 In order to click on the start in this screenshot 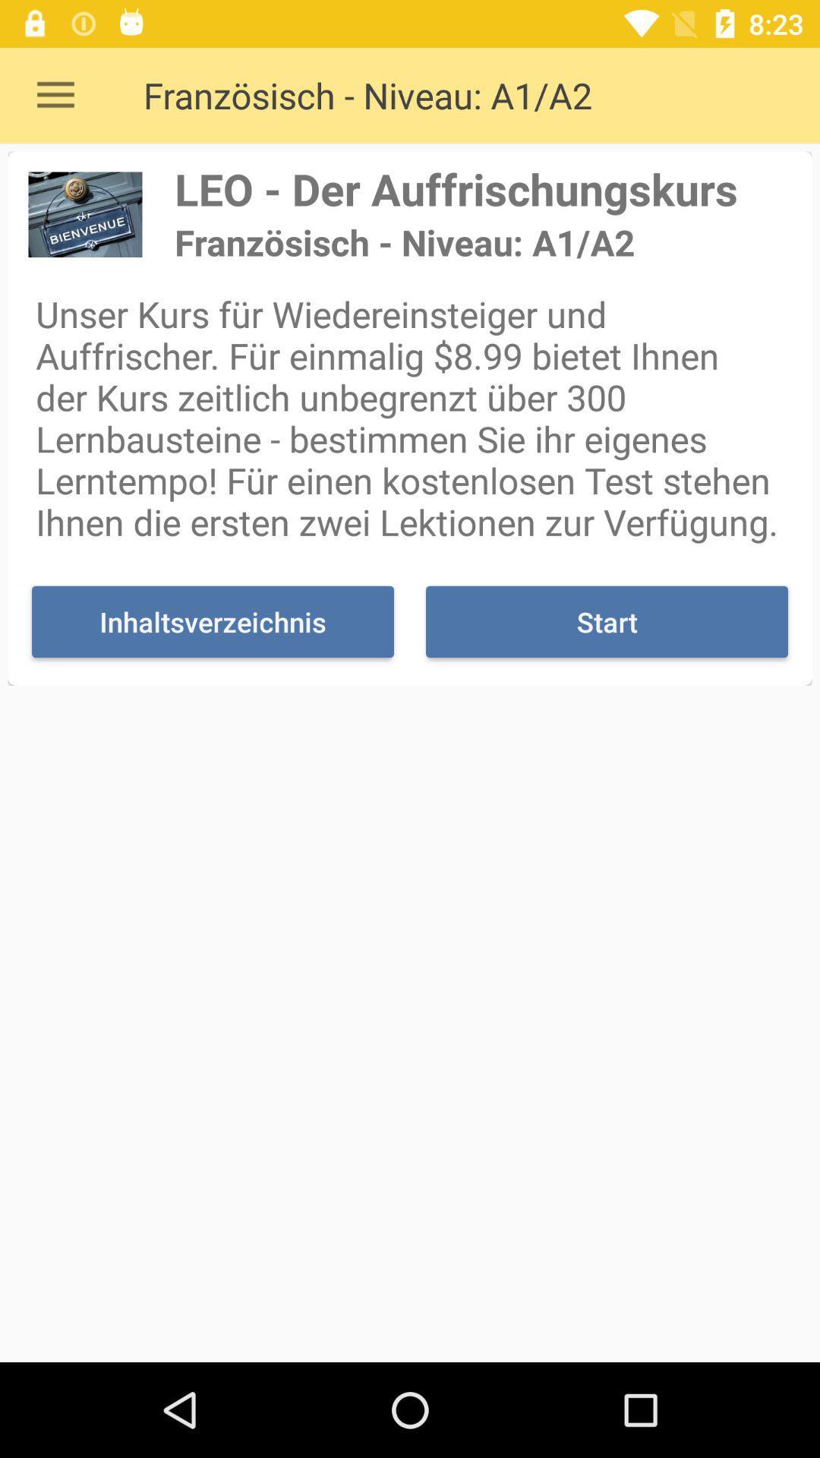, I will do `click(606, 622)`.